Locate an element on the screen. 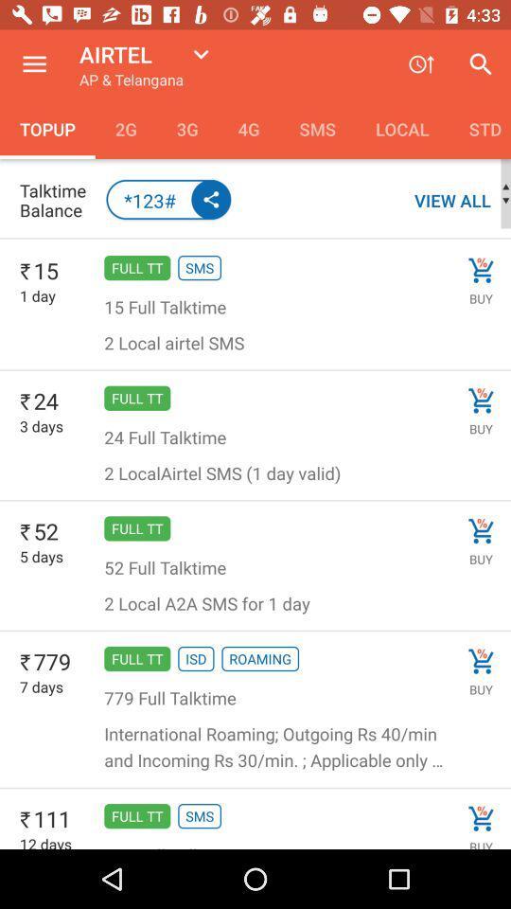 Image resolution: width=511 pixels, height=909 pixels. the icon next to 4g icon is located at coordinates (187, 128).